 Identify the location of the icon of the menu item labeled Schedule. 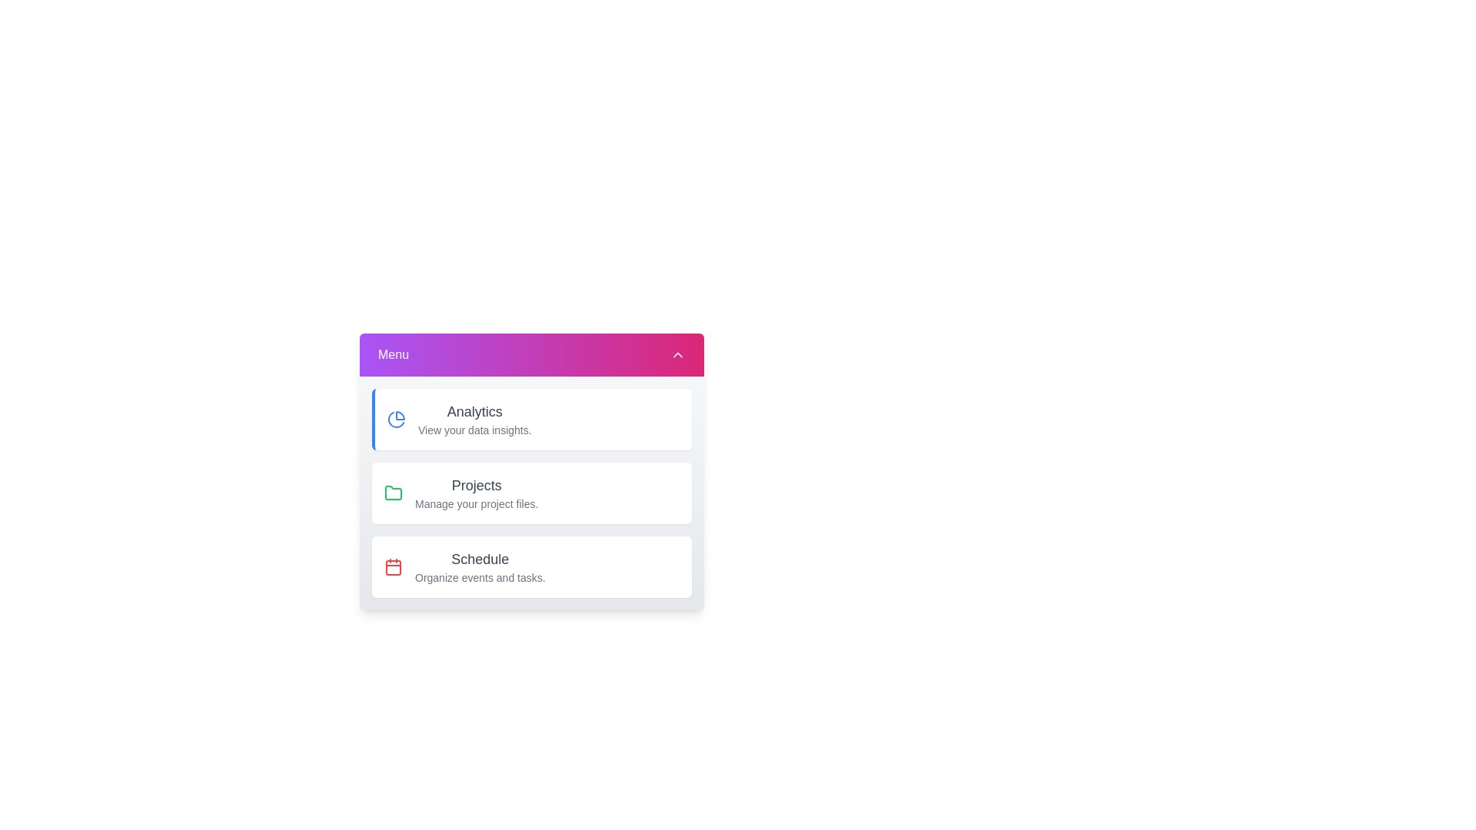
(394, 566).